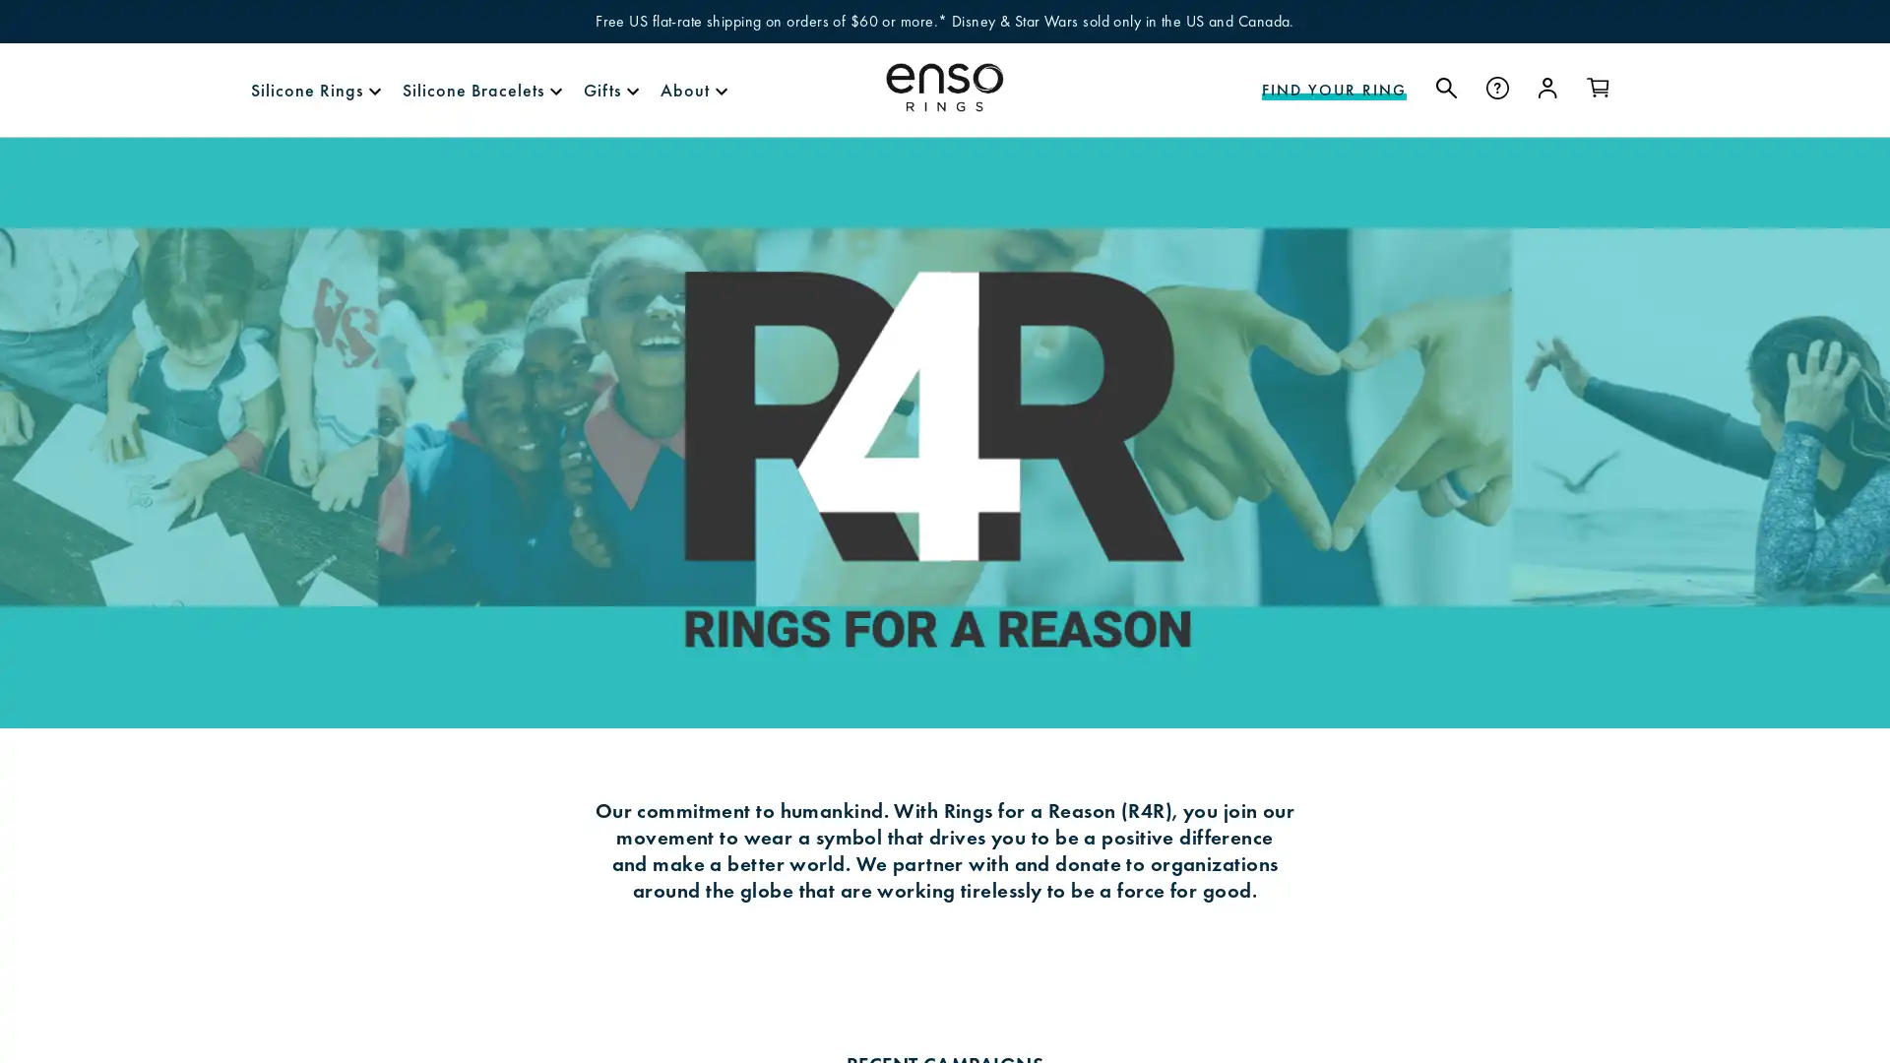 The image size is (1890, 1063). Describe the element at coordinates (1446, 87) in the screenshot. I see `Search` at that location.